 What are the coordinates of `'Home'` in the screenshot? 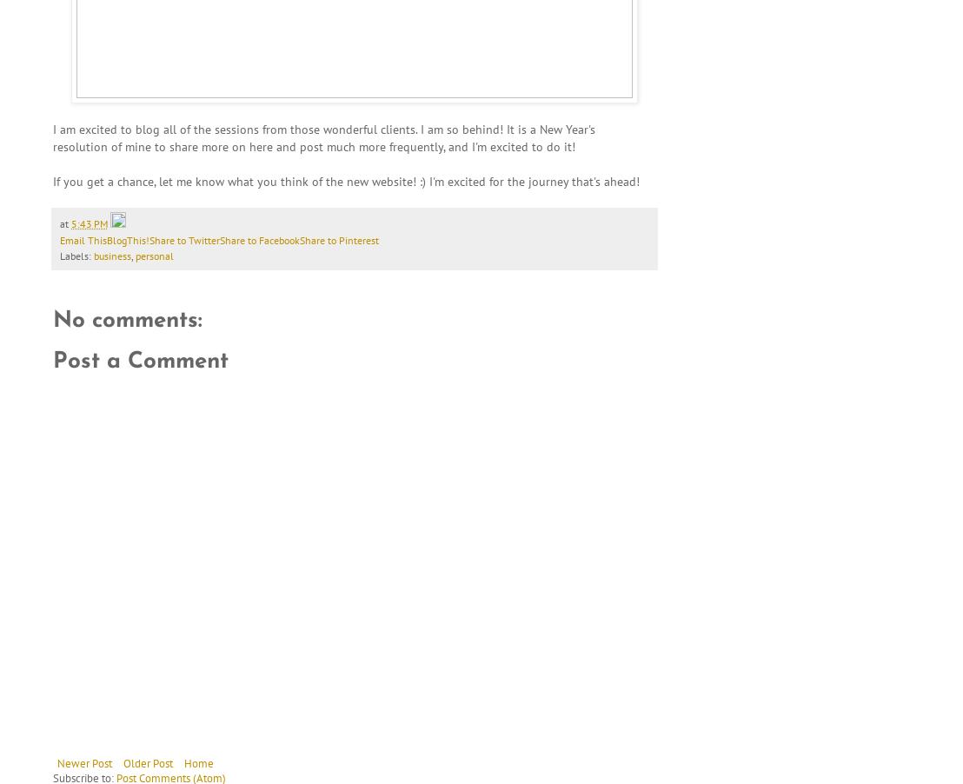 It's located at (199, 762).